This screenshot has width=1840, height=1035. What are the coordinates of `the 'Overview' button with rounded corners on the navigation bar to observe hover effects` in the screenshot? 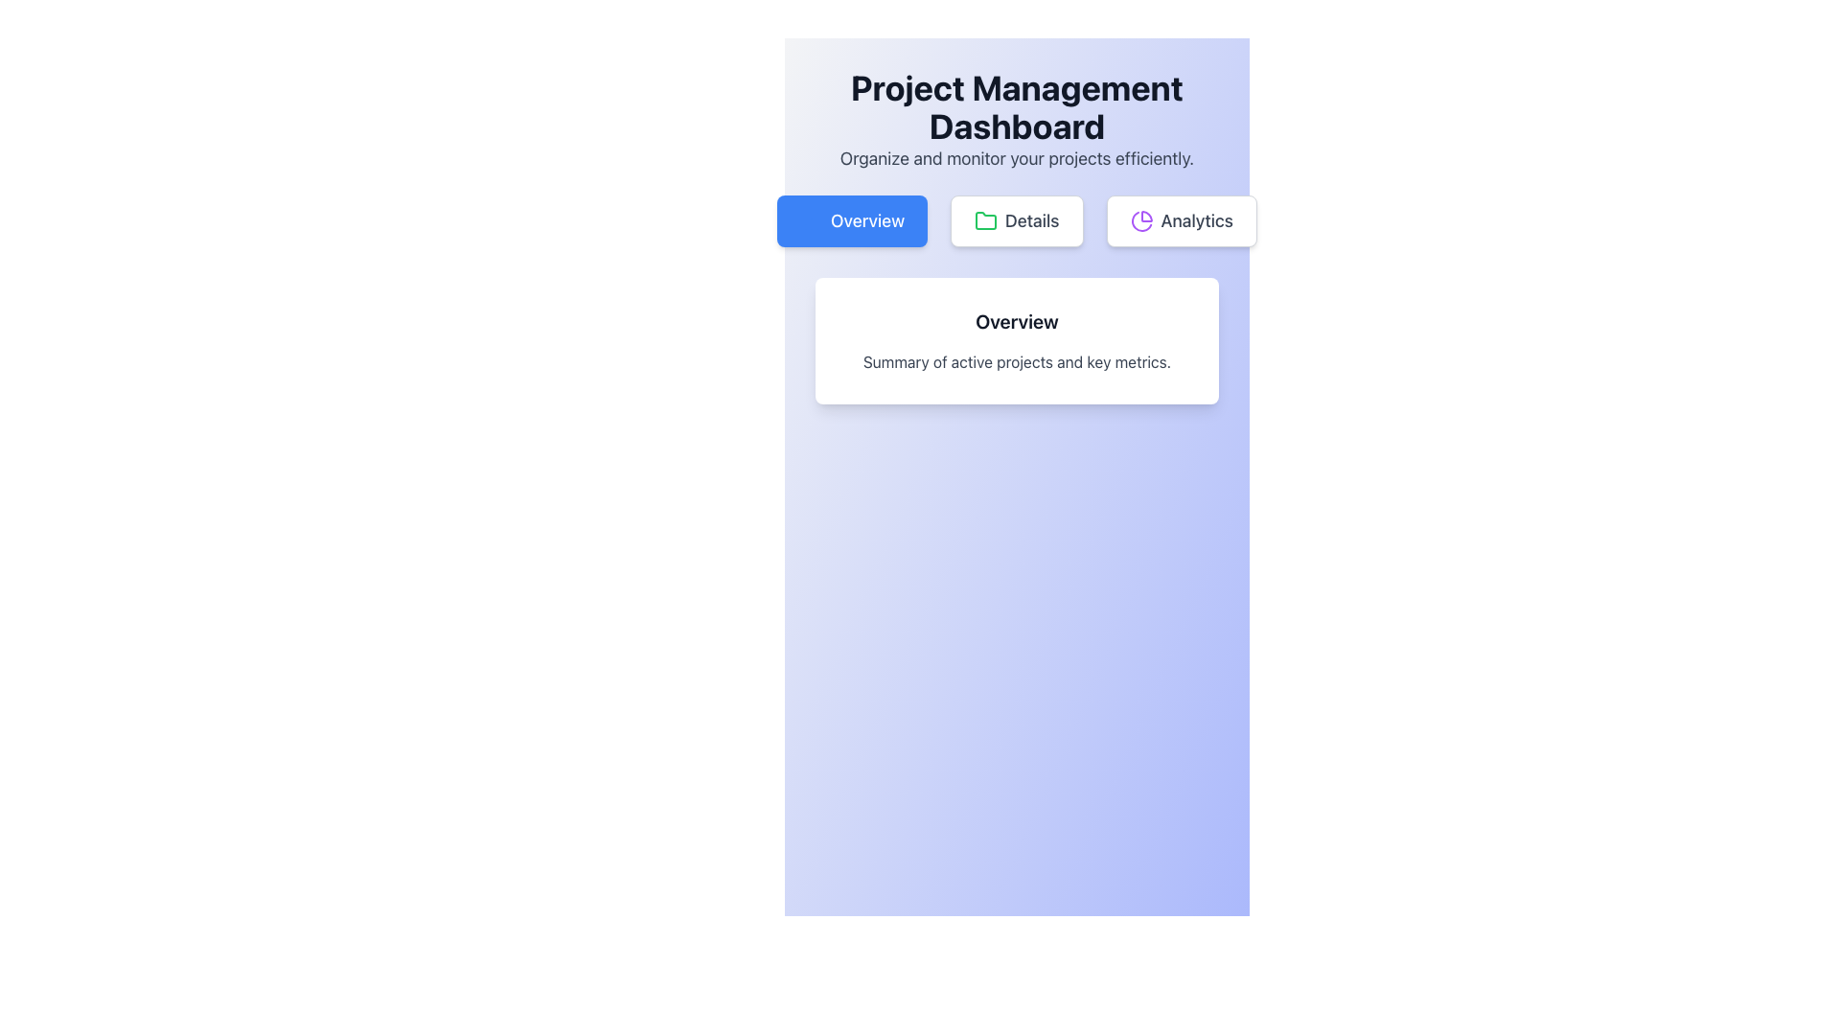 It's located at (851, 220).